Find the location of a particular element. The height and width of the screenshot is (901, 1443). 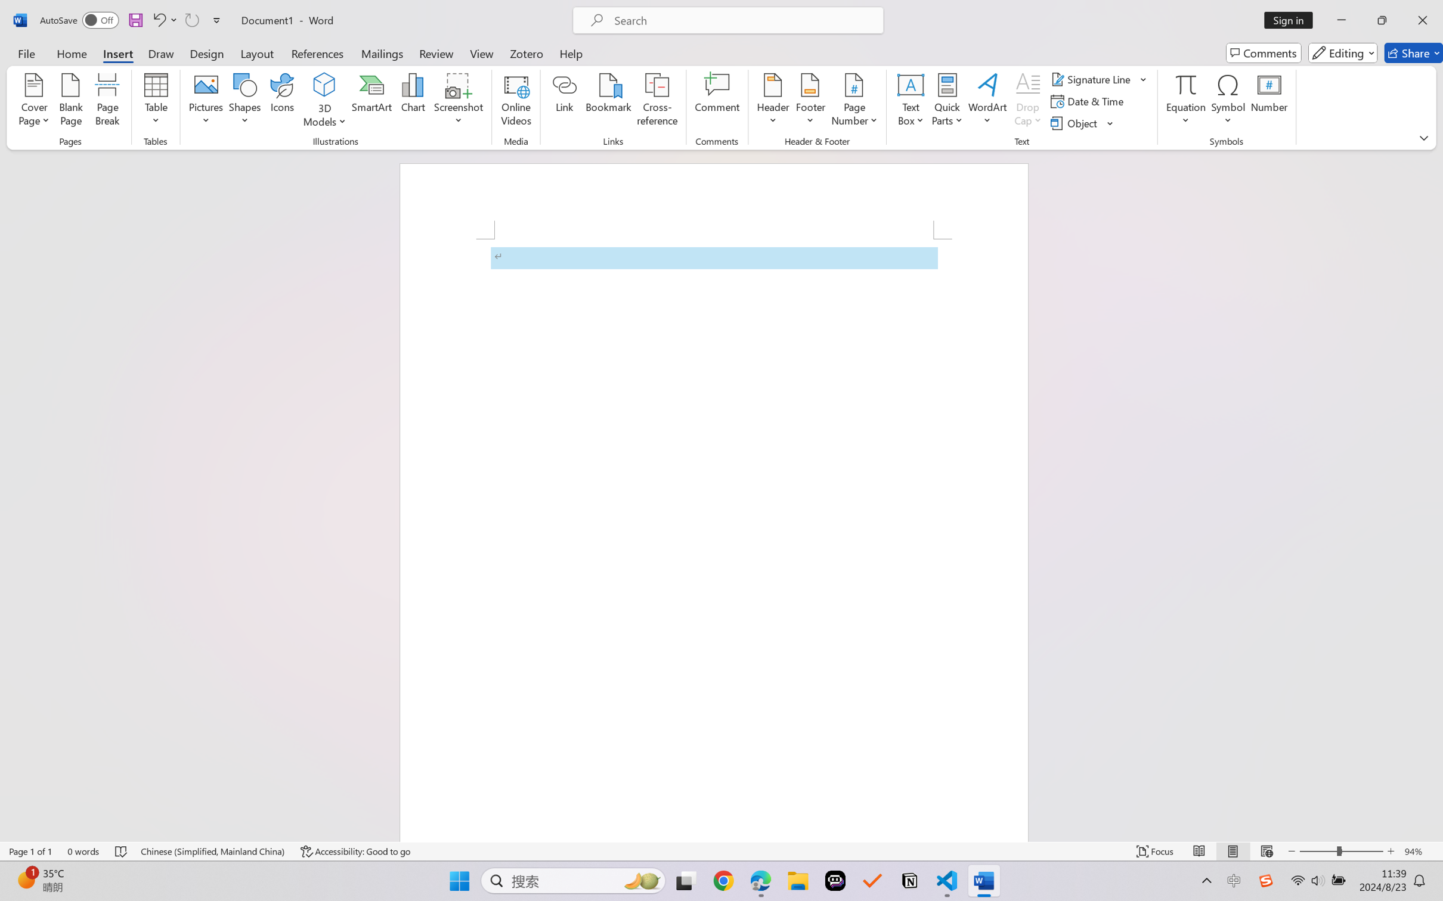

'Page Number' is located at coordinates (854, 101).